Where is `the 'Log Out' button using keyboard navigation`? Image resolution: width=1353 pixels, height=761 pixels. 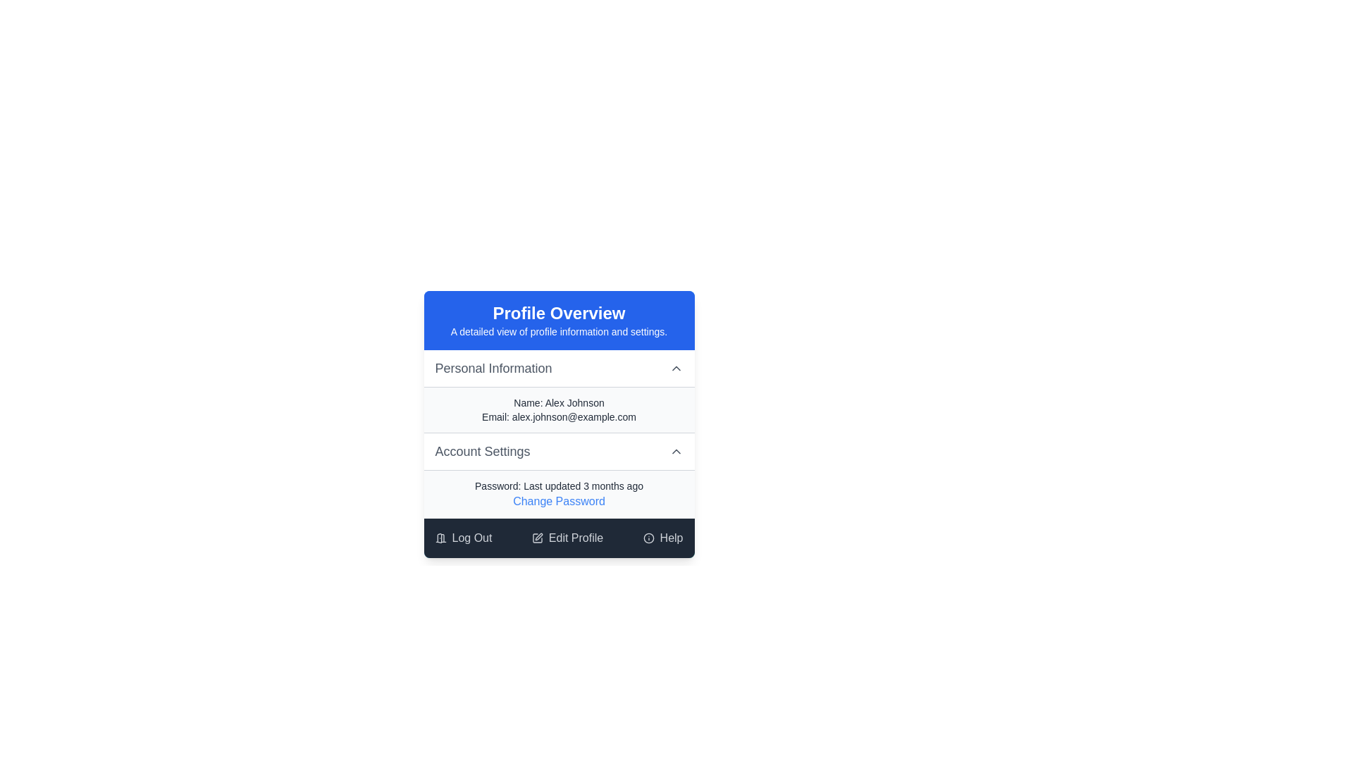
the 'Log Out' button using keyboard navigation is located at coordinates (463, 538).